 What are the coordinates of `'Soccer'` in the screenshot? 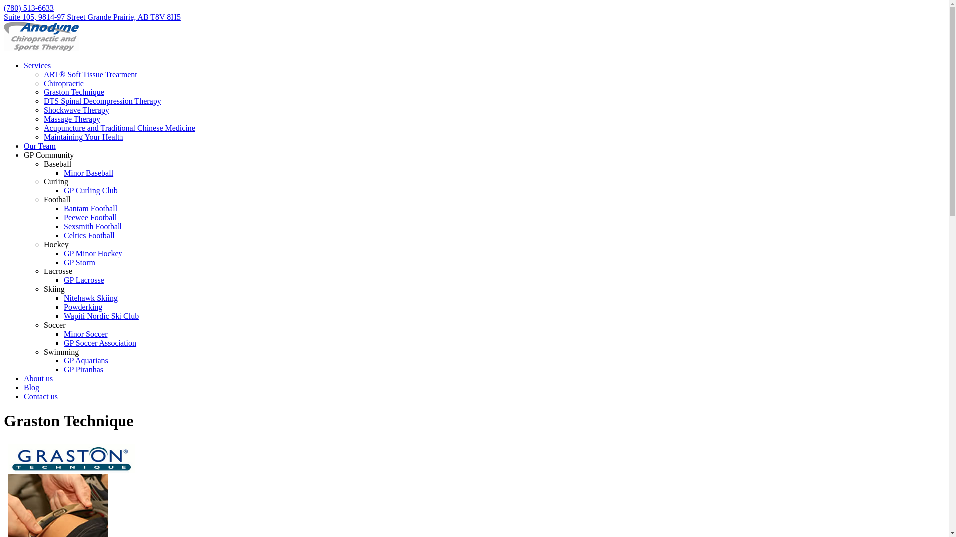 It's located at (54, 325).